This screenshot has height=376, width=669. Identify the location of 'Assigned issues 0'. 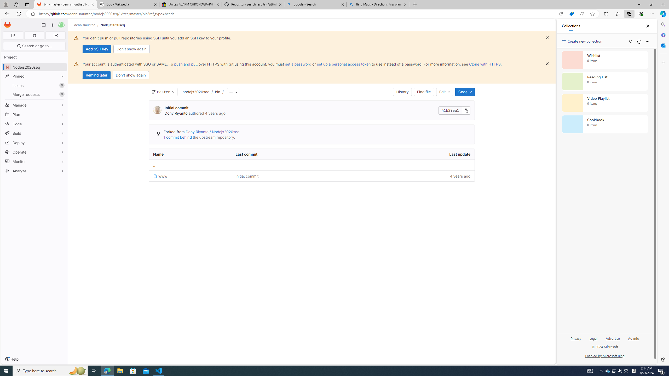
(13, 35).